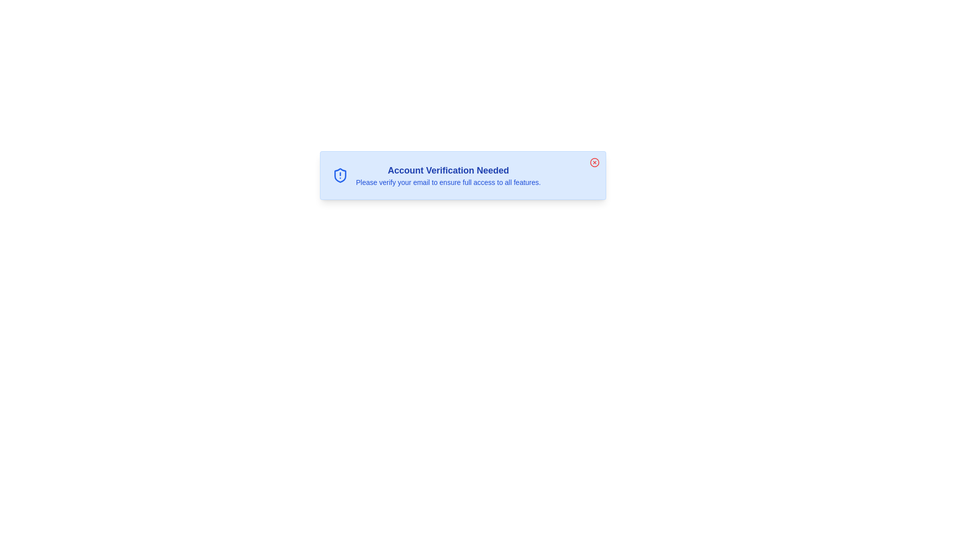  I want to click on text from the 'Account Verification Needed' label, which is a bold blue header inside a light blue notification box, so click(448, 170).